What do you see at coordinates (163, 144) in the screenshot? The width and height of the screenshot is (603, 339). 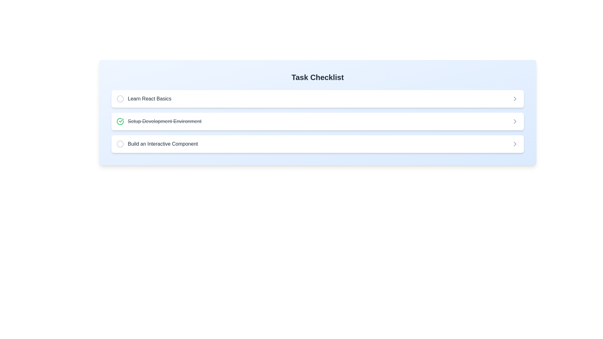 I see `the text label in the third row of the task checklist interface, which provides a descriptor for the related task` at bounding box center [163, 144].